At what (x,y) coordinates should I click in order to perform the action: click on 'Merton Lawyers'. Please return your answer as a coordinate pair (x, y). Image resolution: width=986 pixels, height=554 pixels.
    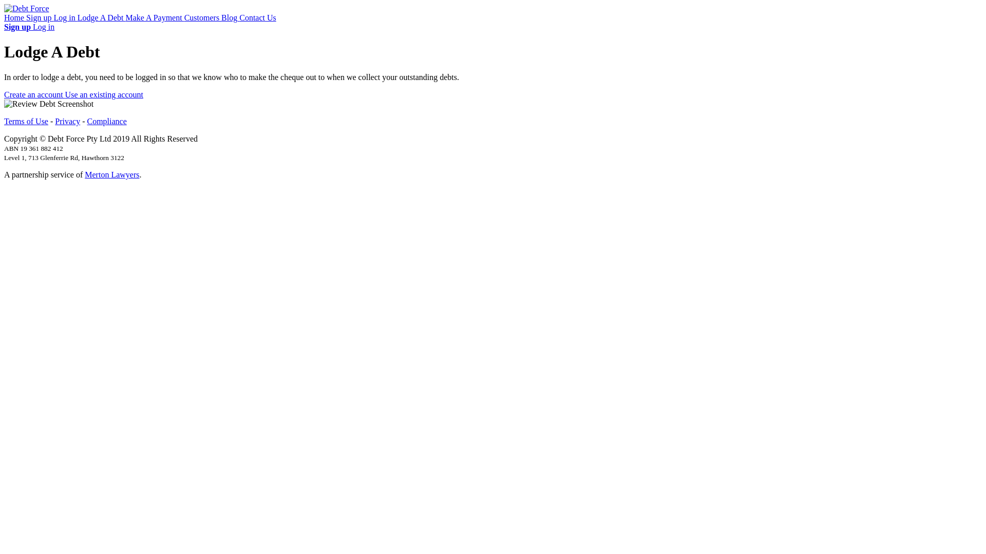
    Looking at the image, I should click on (111, 174).